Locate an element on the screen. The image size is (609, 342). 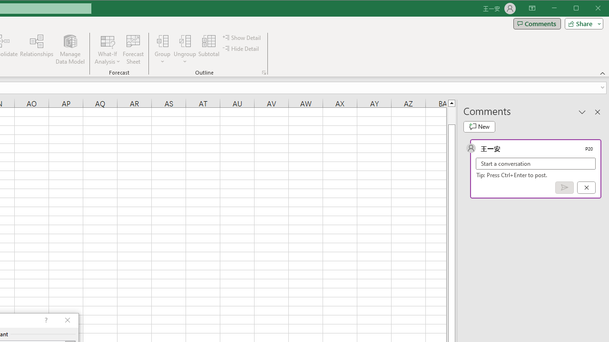
'Show Detail' is located at coordinates (242, 37).